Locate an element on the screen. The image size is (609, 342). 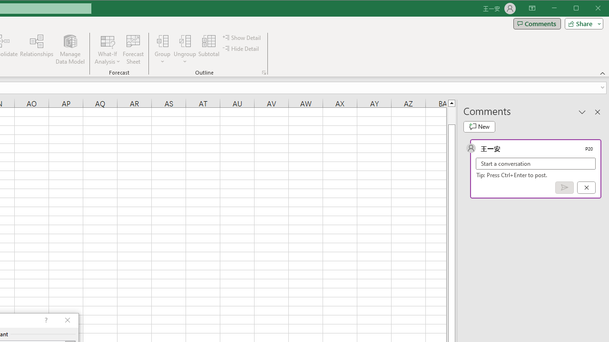
'Show Detail' is located at coordinates (242, 37).